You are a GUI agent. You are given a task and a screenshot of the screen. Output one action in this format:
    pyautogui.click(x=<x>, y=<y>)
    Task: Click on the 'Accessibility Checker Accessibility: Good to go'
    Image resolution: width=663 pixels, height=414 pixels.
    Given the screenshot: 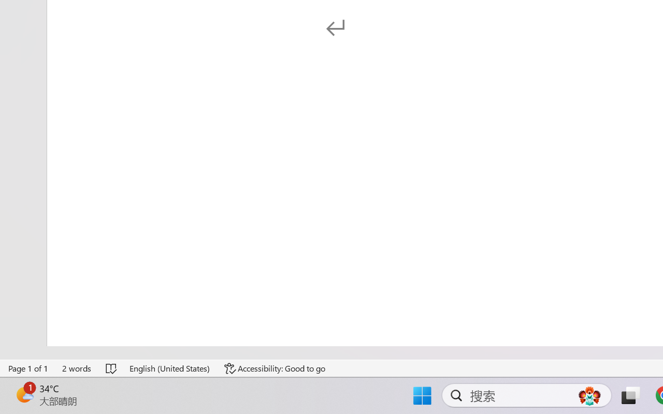 What is the action you would take?
    pyautogui.click(x=275, y=368)
    